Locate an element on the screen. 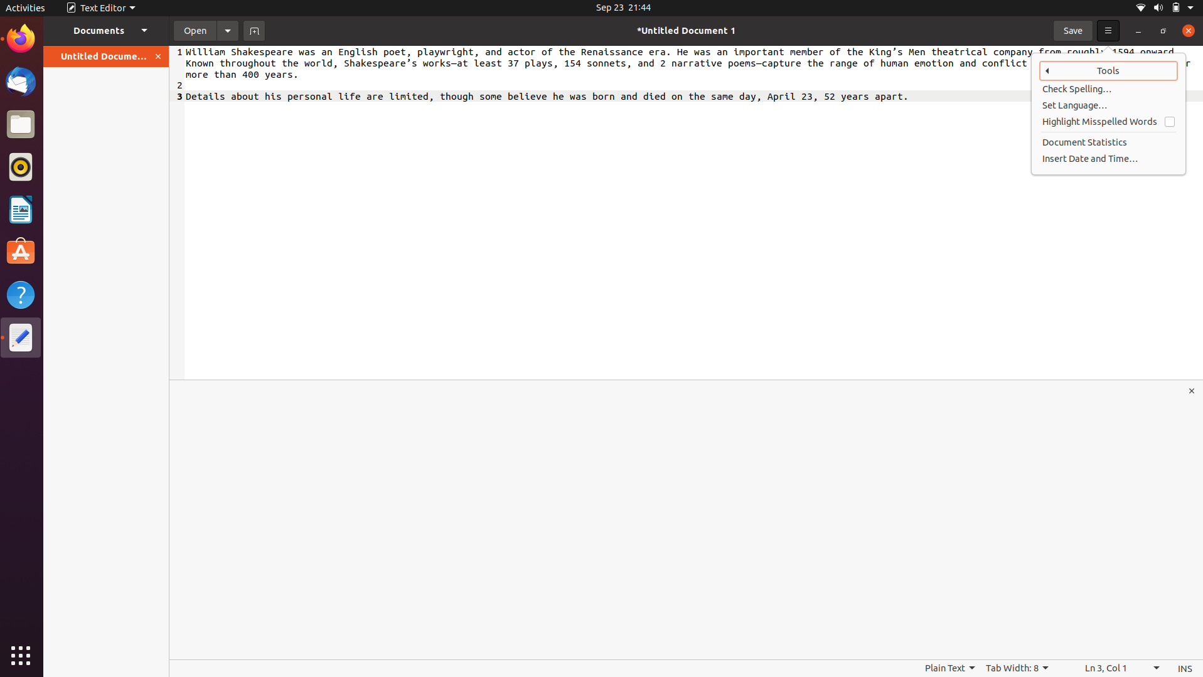 The image size is (1203, 677). other choices aside from straightforward text is located at coordinates (949, 668).